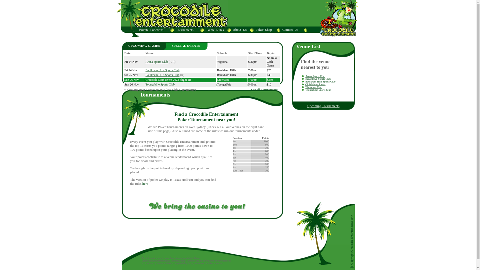 The height and width of the screenshot is (270, 480). What do you see at coordinates (186, 45) in the screenshot?
I see `'SPECIAL EVENTS'` at bounding box center [186, 45].